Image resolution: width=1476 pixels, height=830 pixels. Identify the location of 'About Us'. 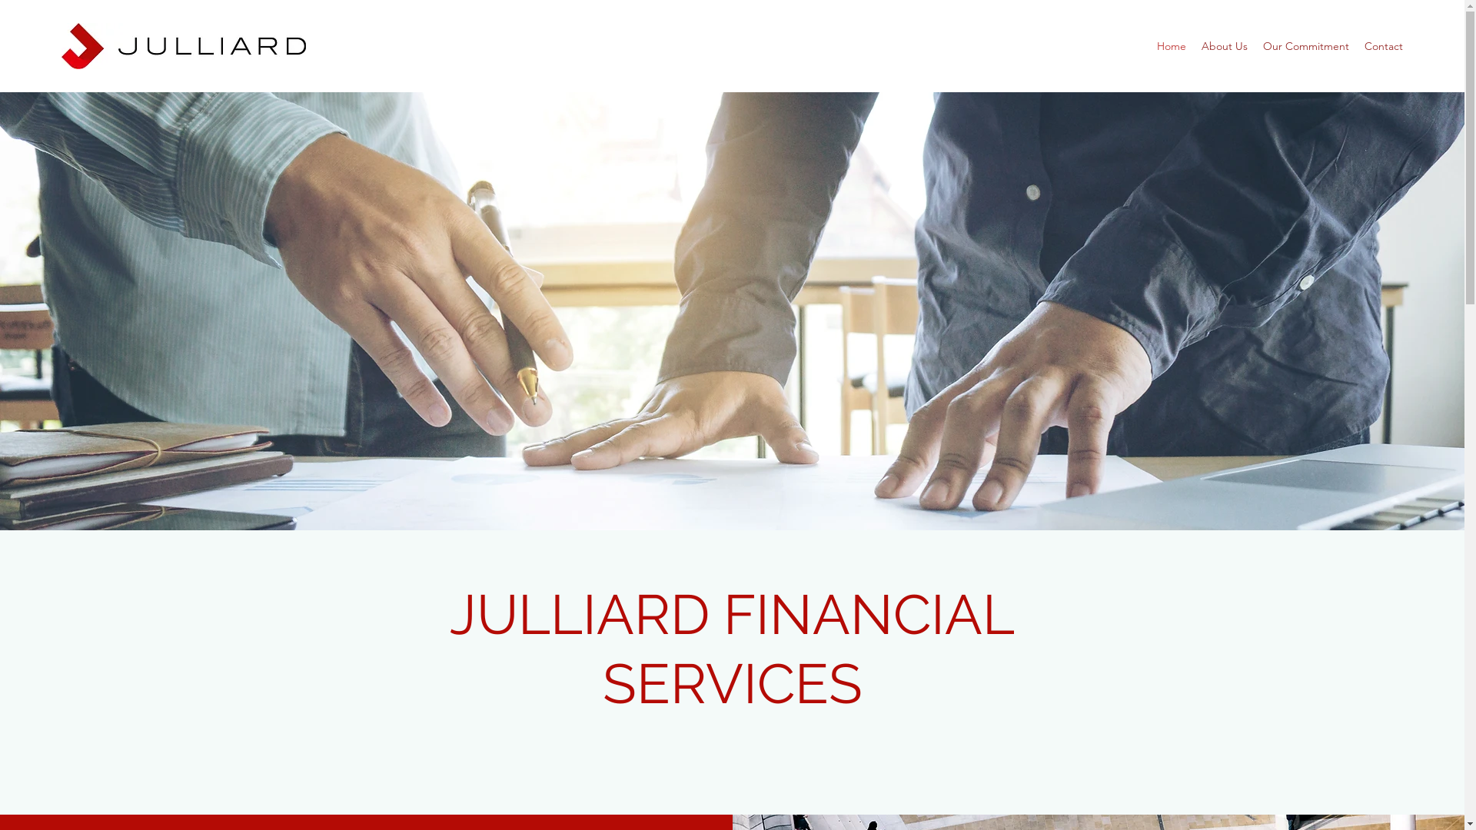
(1224, 45).